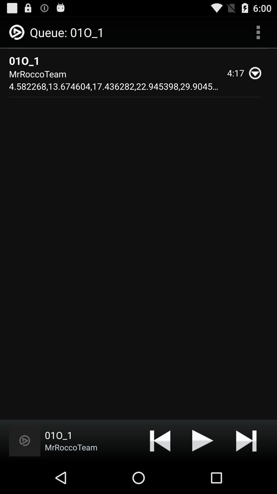 This screenshot has height=494, width=277. Describe the element at coordinates (258, 32) in the screenshot. I see `the app to the right of 01o_1 app` at that location.